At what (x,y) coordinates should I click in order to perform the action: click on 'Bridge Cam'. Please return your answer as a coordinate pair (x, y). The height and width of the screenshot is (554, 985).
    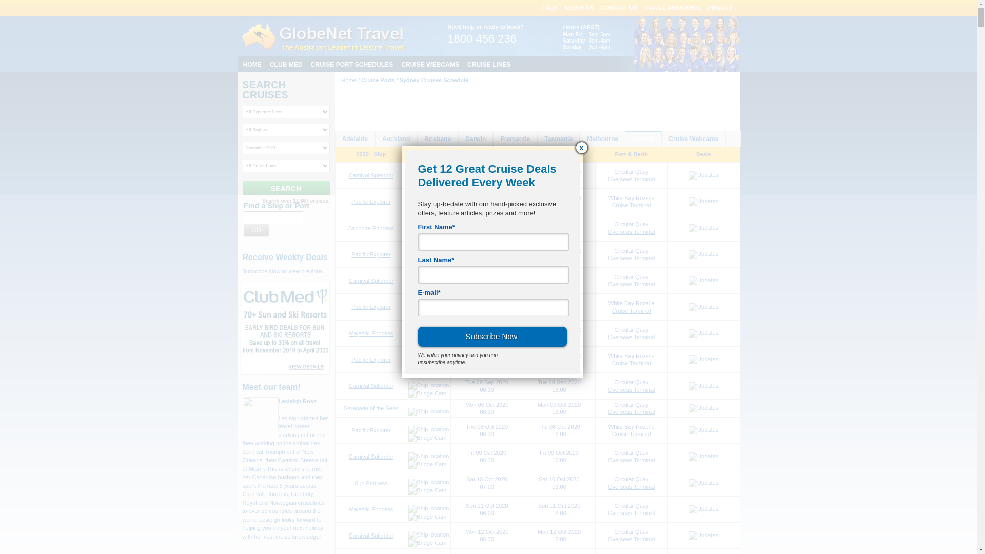
    Looking at the image, I should click on (427, 367).